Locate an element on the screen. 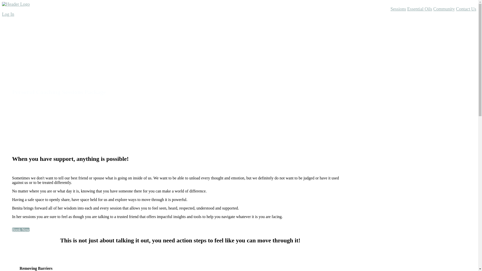 The image size is (482, 271). 'Contact Us' is located at coordinates (466, 9).